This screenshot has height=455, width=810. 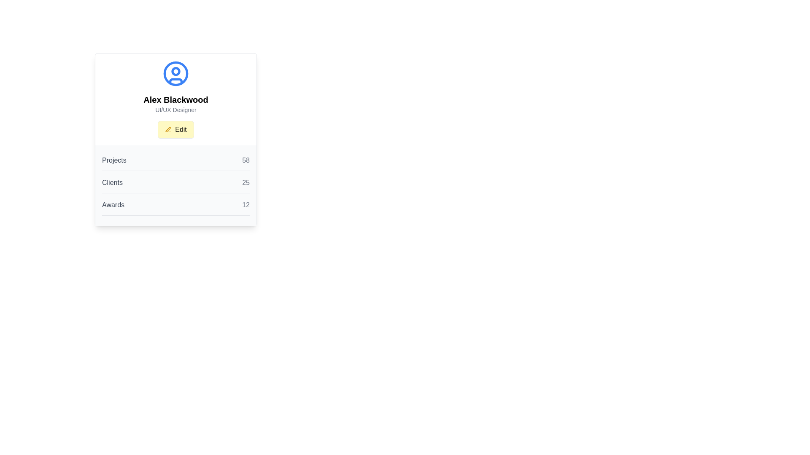 I want to click on the 'Edit' text label within the button that is located to the right of a pencil icon and aligned in a yellow button below the user profile card, so click(x=180, y=130).